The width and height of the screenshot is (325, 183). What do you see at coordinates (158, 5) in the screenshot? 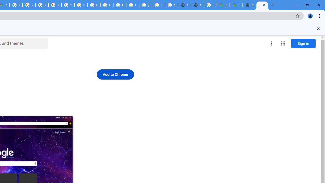
I see `'Sign in - Google Accounts'` at bounding box center [158, 5].